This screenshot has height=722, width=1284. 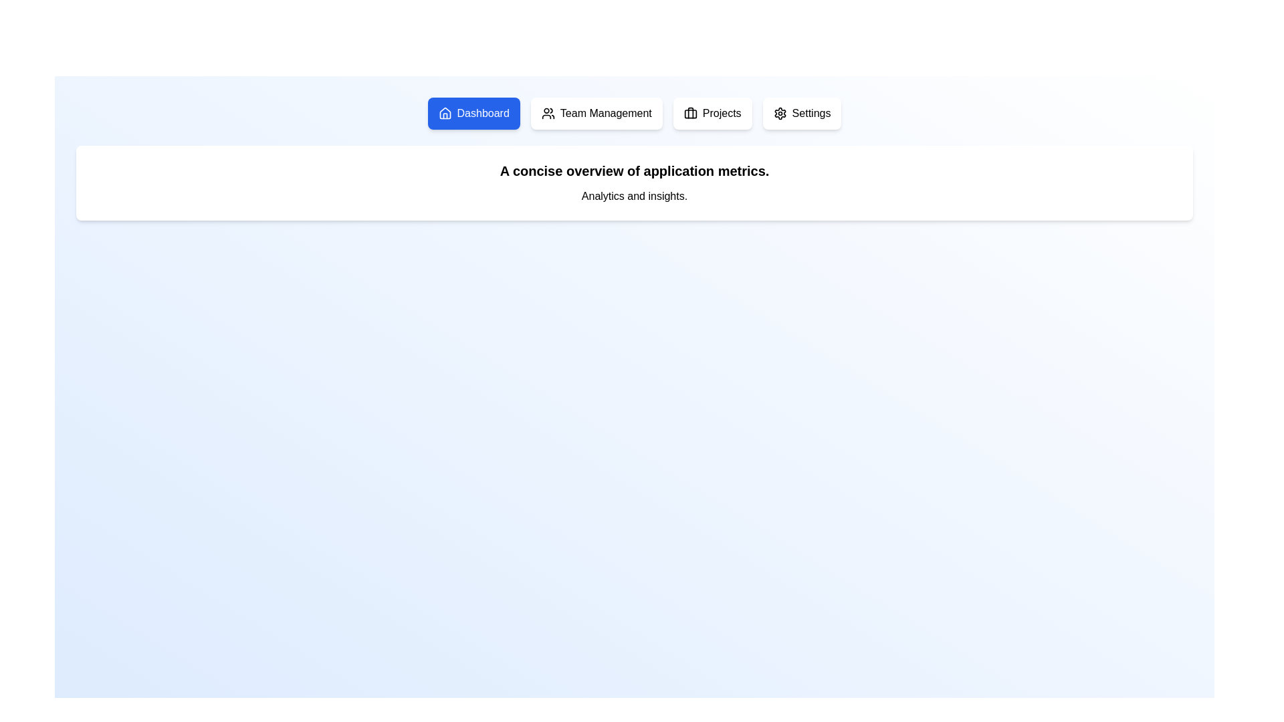 I want to click on the gear icon on the right side of the navigation bar, so click(x=780, y=112).